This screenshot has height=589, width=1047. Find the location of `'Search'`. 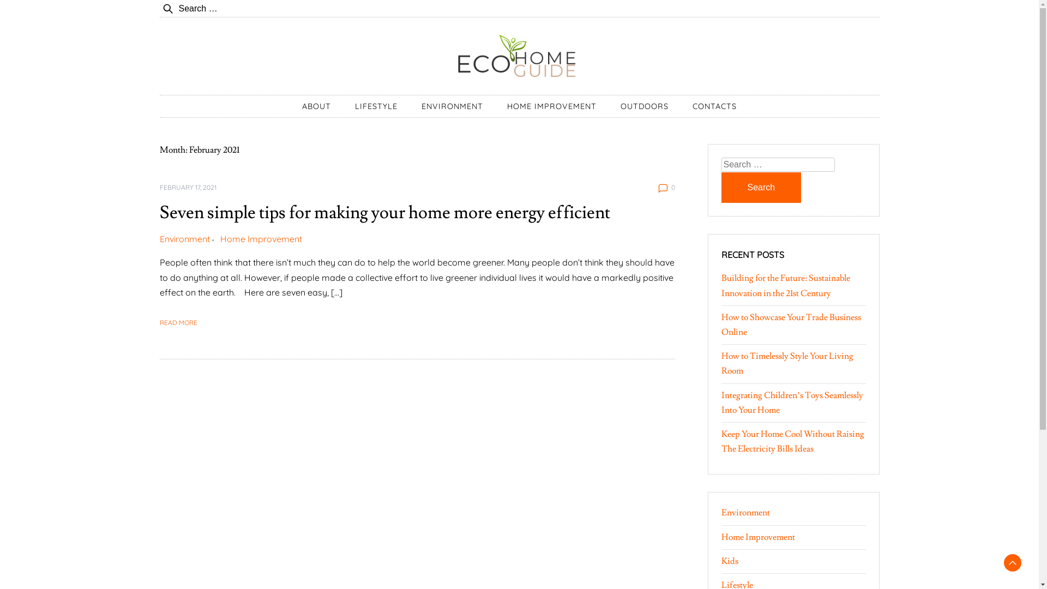

'Search' is located at coordinates (720, 187).